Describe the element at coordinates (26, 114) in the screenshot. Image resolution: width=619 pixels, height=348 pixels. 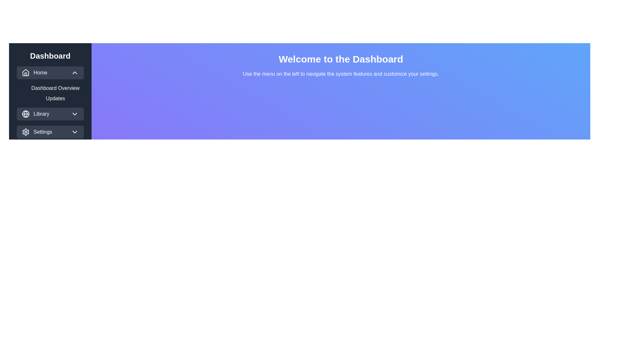
I see `the decorative circle element of the globe icon in the 'Library' navigation item, which is the second item in the vertical menu` at that location.